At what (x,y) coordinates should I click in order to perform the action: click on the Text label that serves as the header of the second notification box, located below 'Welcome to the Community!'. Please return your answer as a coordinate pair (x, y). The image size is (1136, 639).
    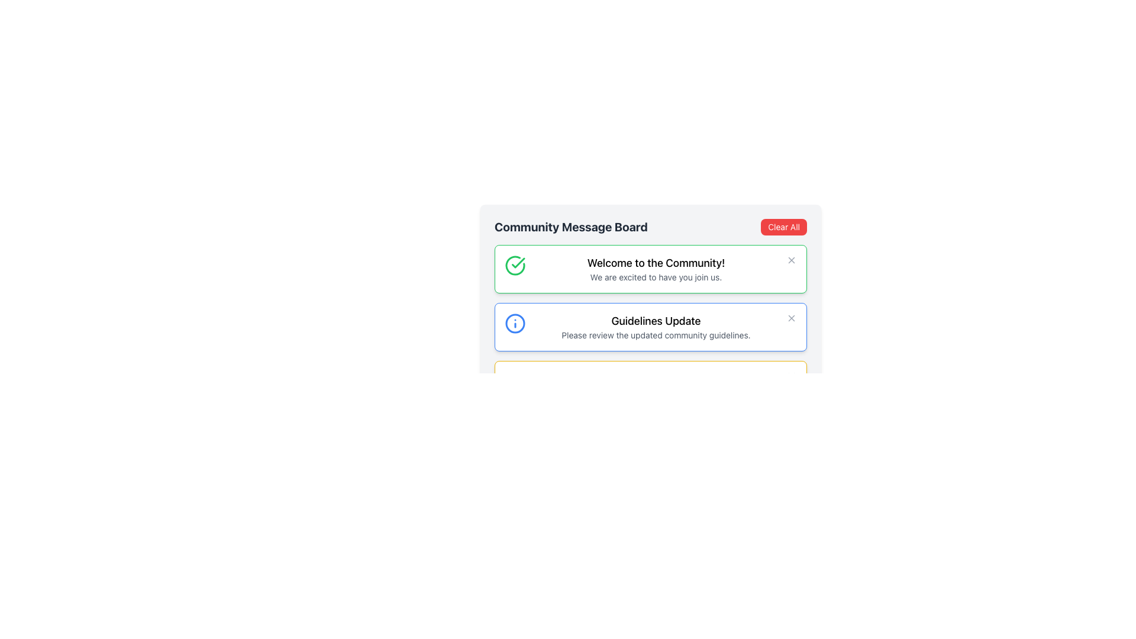
    Looking at the image, I should click on (655, 321).